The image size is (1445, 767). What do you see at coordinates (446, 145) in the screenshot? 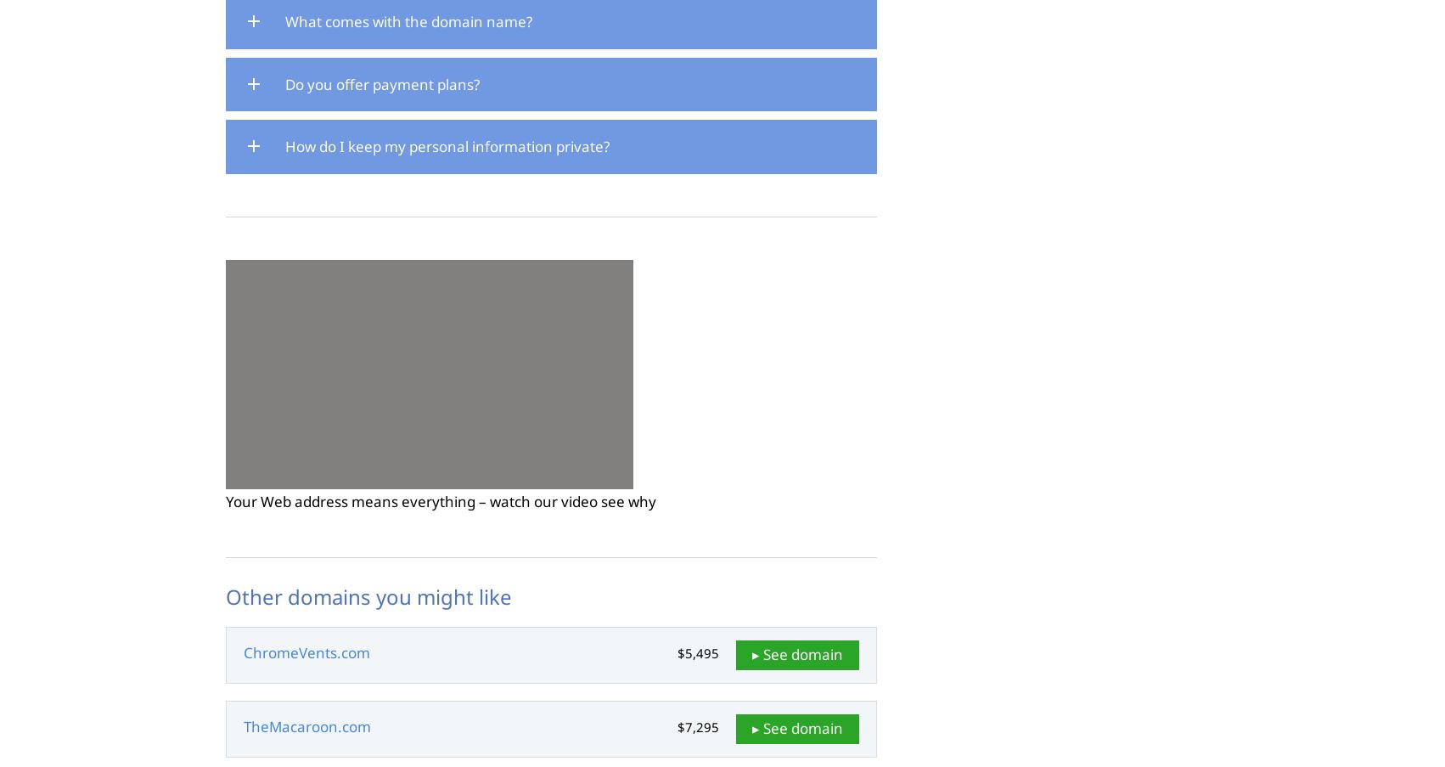
I see `'How do I keep my personal information private?'` at bounding box center [446, 145].